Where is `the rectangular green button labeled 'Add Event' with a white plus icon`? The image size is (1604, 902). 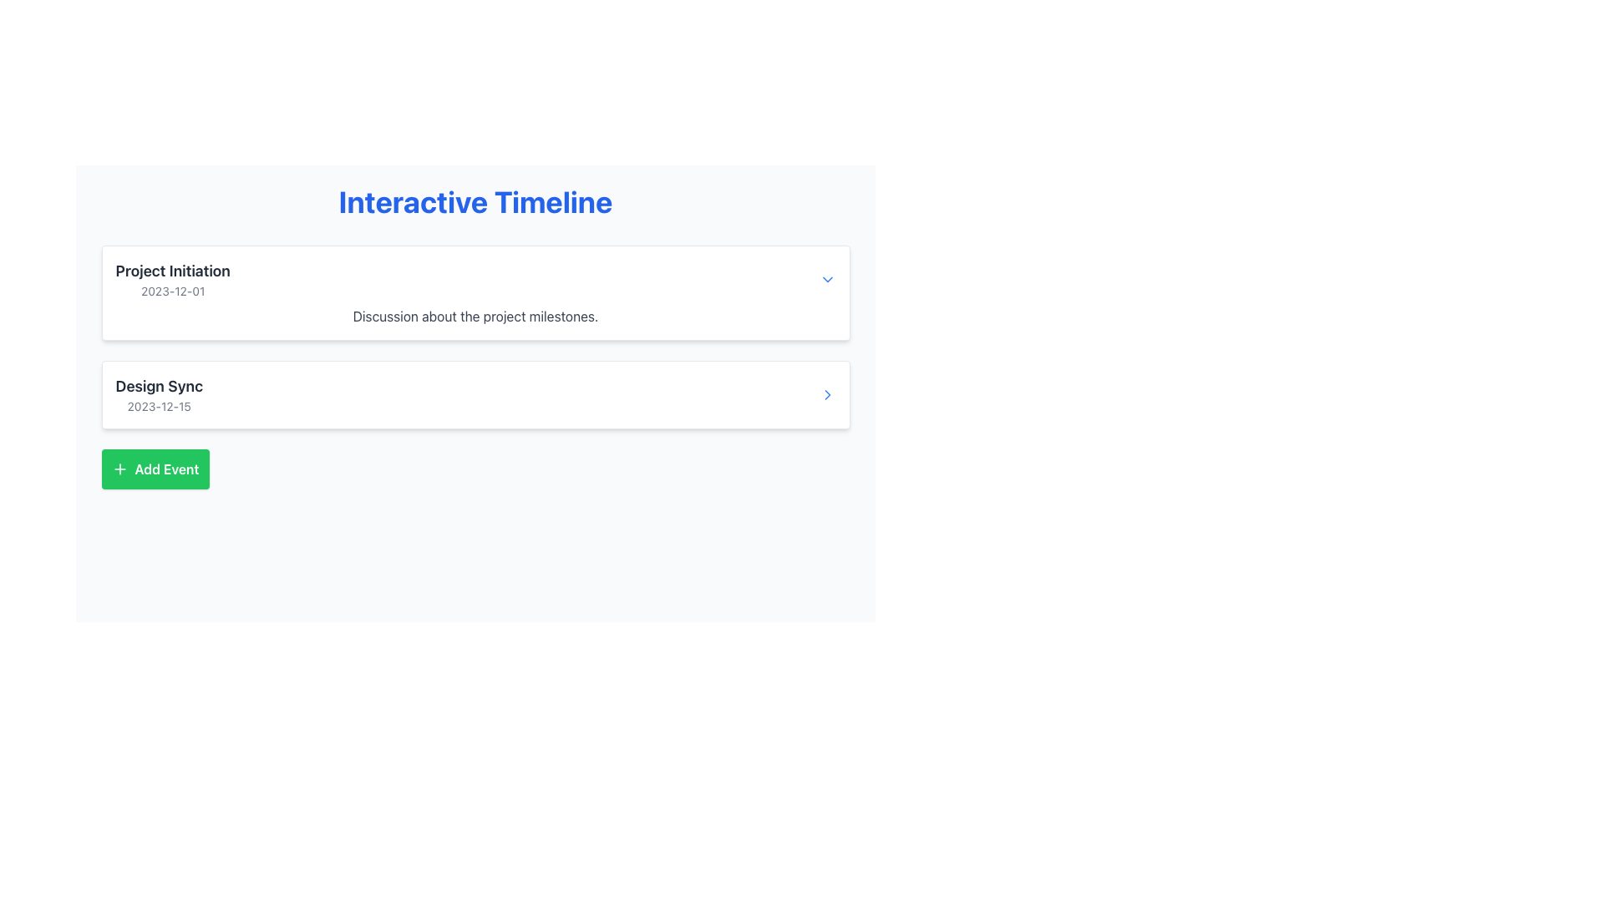 the rectangular green button labeled 'Add Event' with a white plus icon is located at coordinates (155, 469).